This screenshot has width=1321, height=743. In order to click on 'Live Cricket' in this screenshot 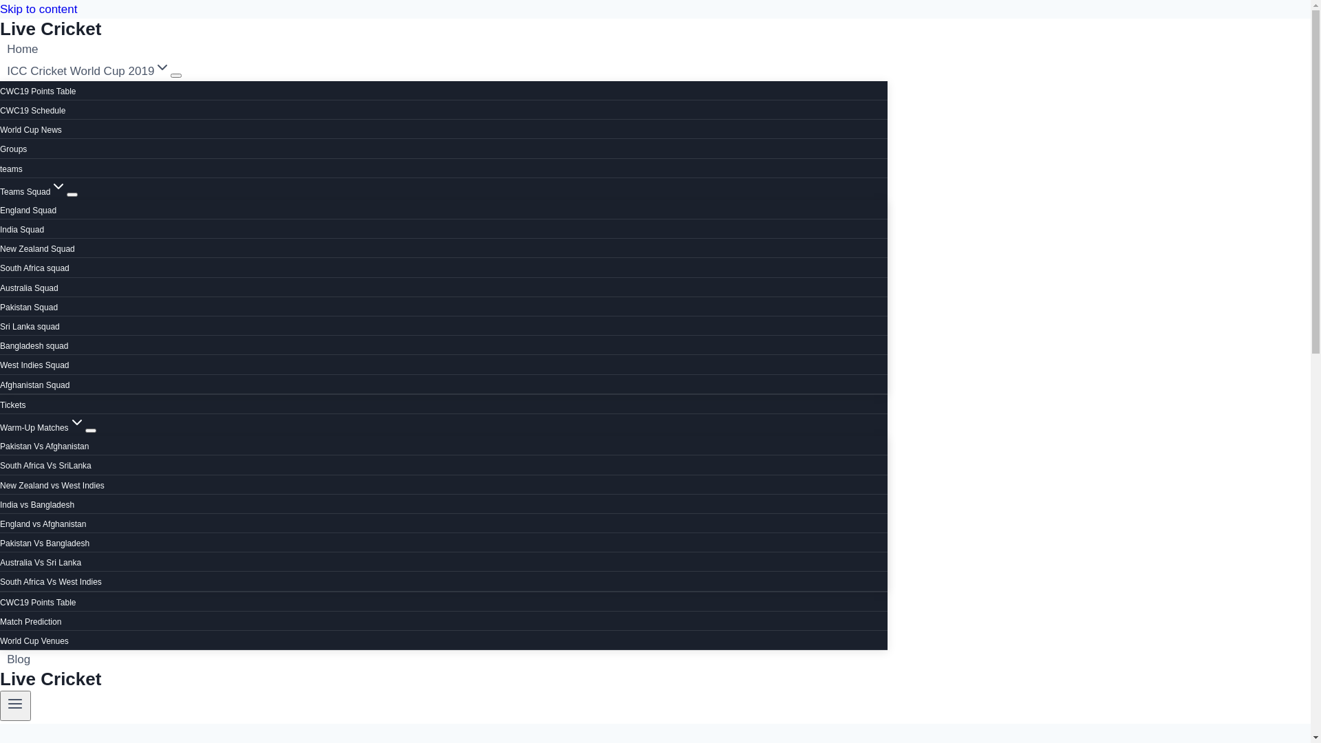, I will do `click(443, 29)`.